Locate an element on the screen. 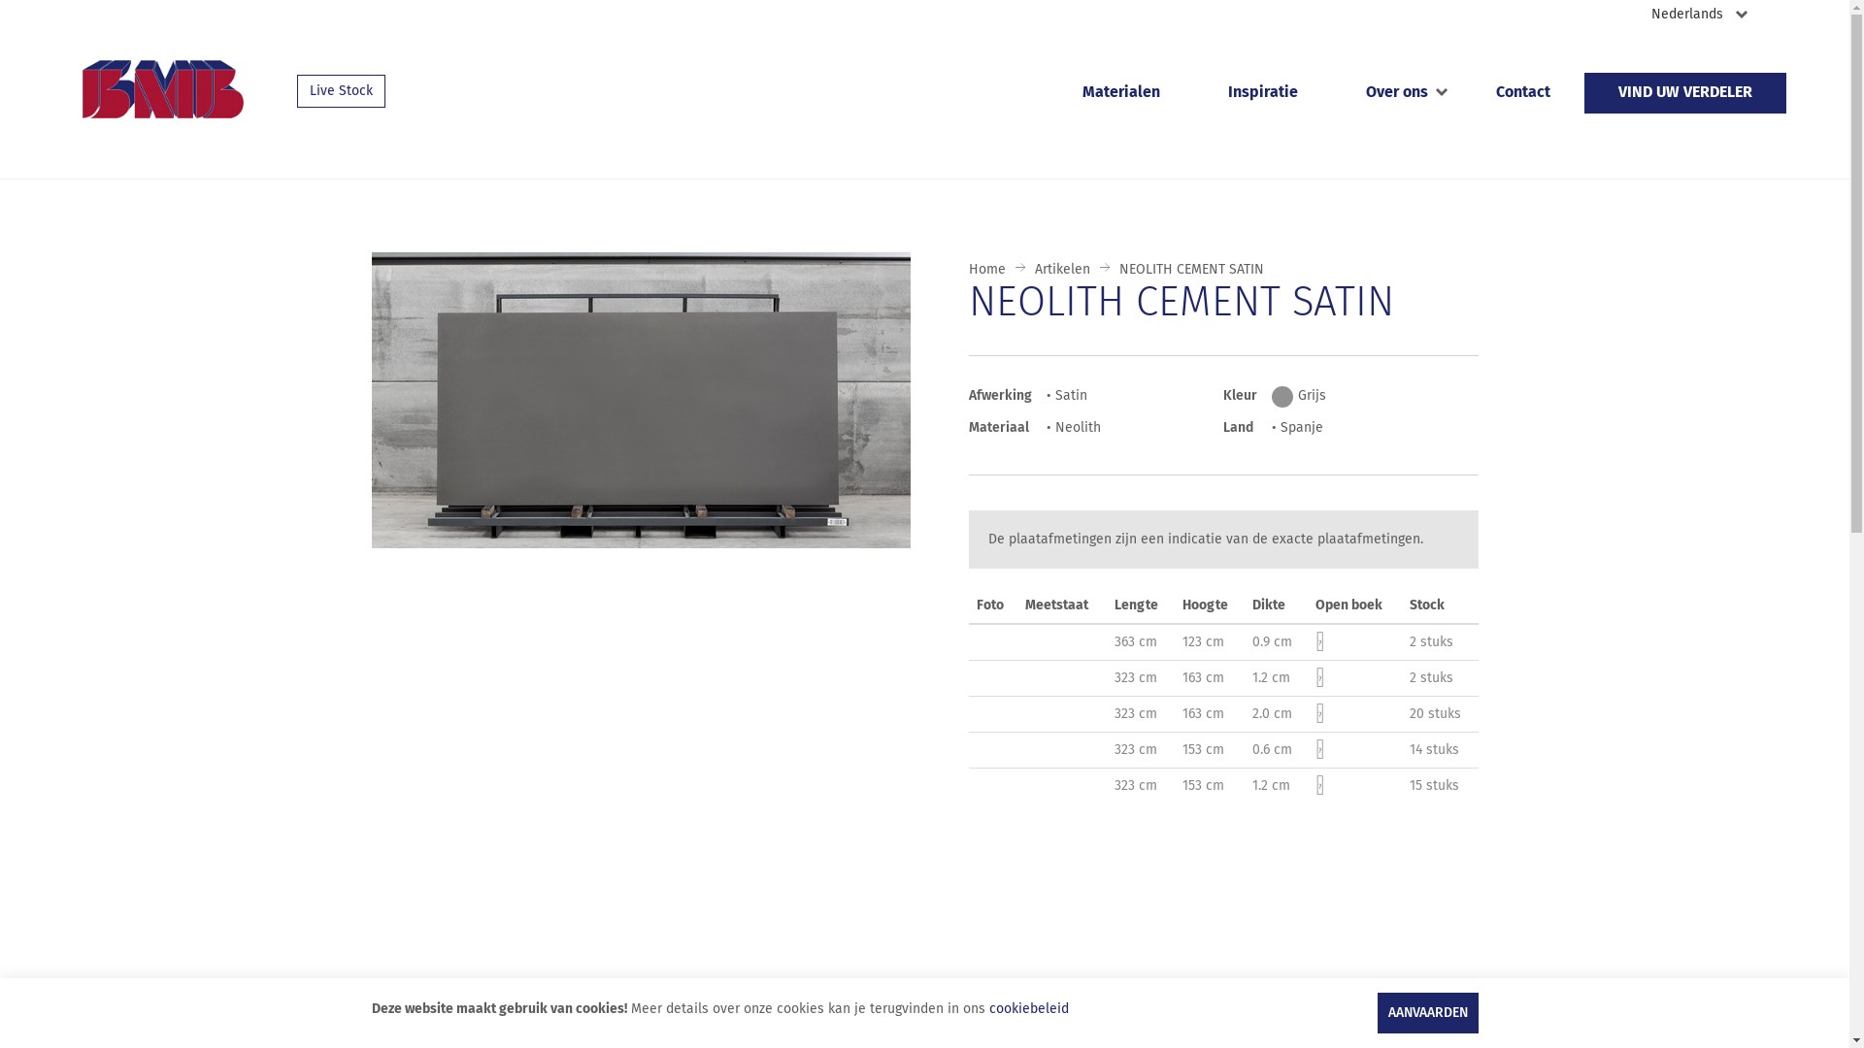 The height and width of the screenshot is (1048, 1864). 'cookiebeleid' is located at coordinates (1027, 1008).